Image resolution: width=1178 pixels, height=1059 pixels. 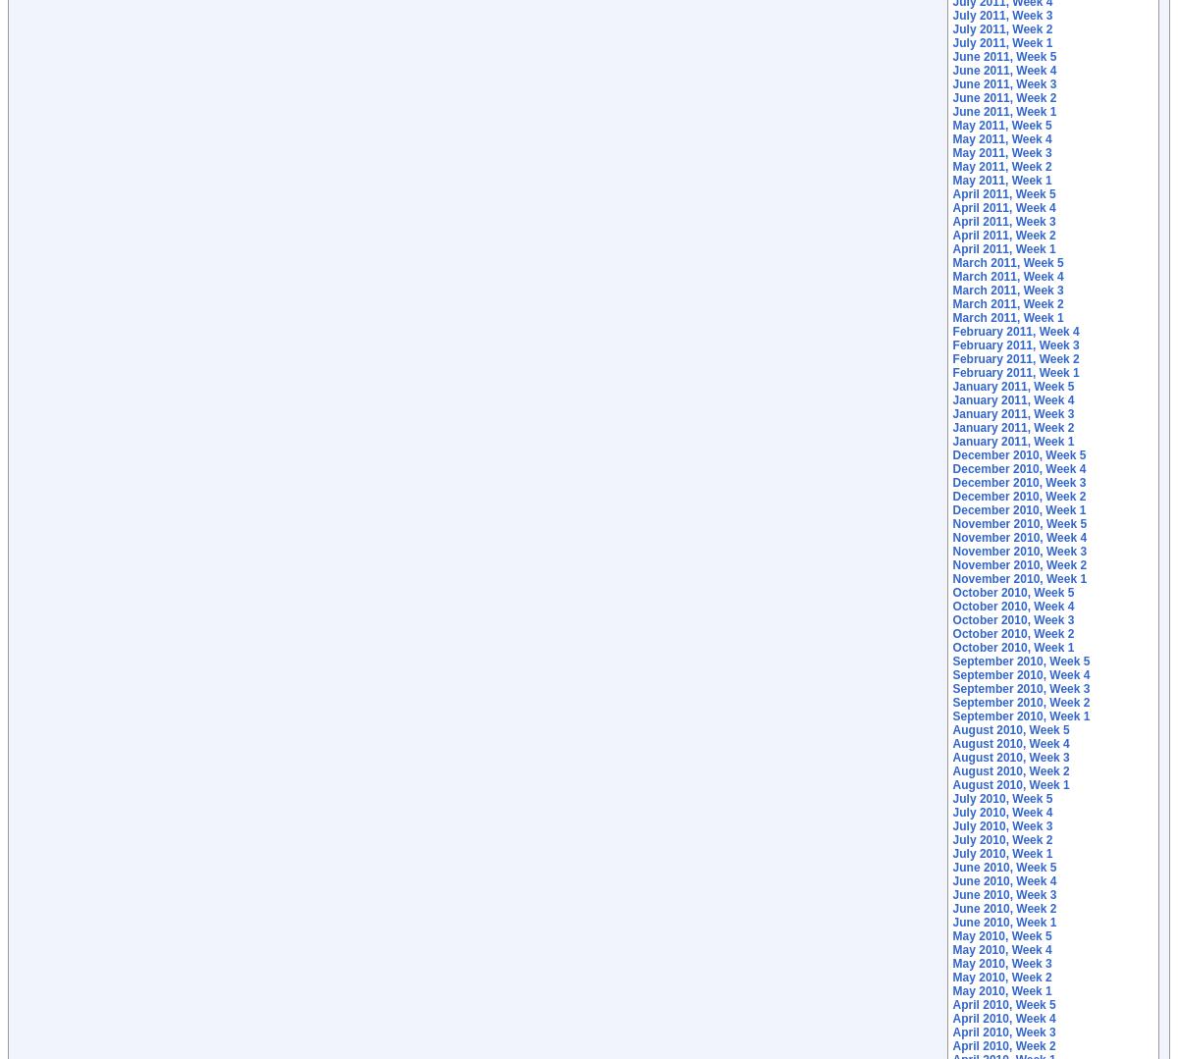 I want to click on 'February 2011, Week 3', so click(x=1015, y=344).